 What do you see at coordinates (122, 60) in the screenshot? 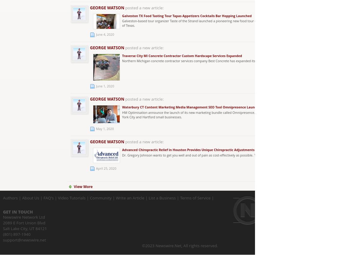
I see `'Northern Michigan concrete contractor services company Best Concrete has expanded its service area for custom concrete hardscape services.'` at bounding box center [122, 60].